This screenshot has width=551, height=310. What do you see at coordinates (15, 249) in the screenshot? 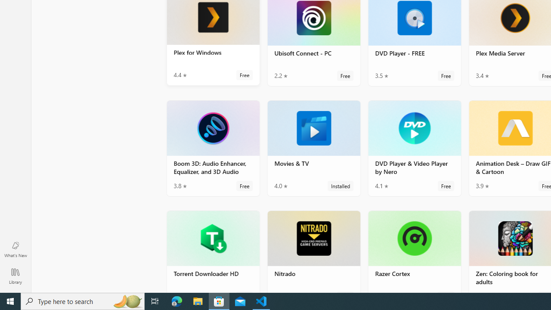
I see `'What'` at bounding box center [15, 249].